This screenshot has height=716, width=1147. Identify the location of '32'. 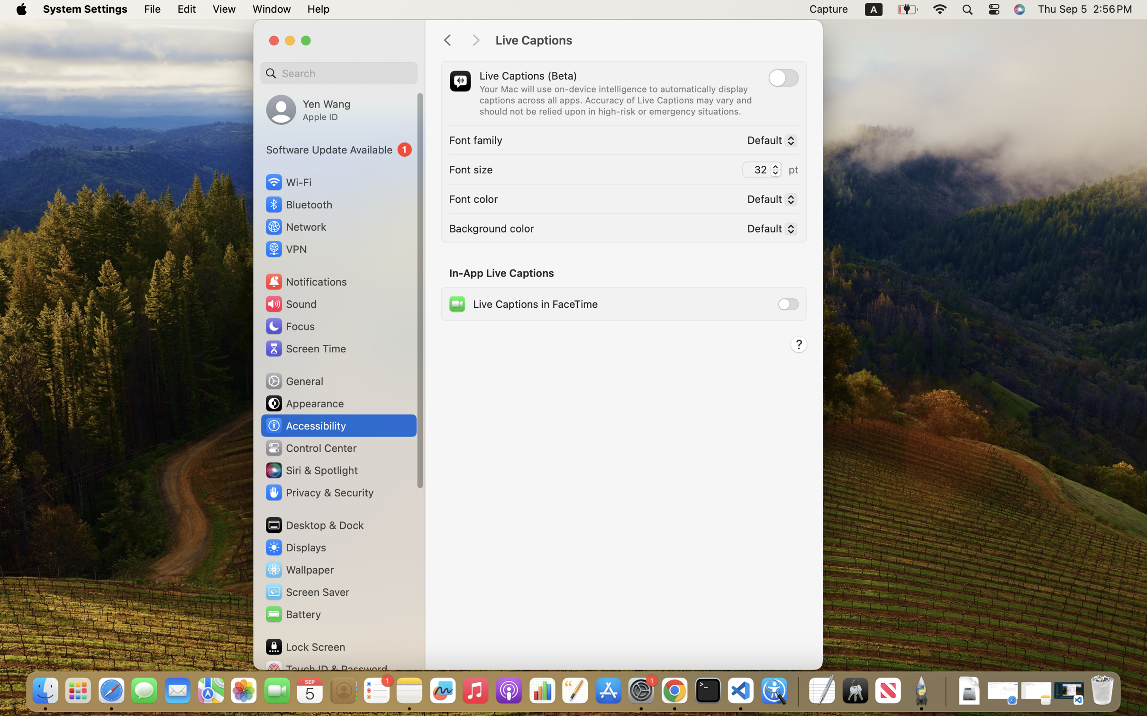
(762, 169).